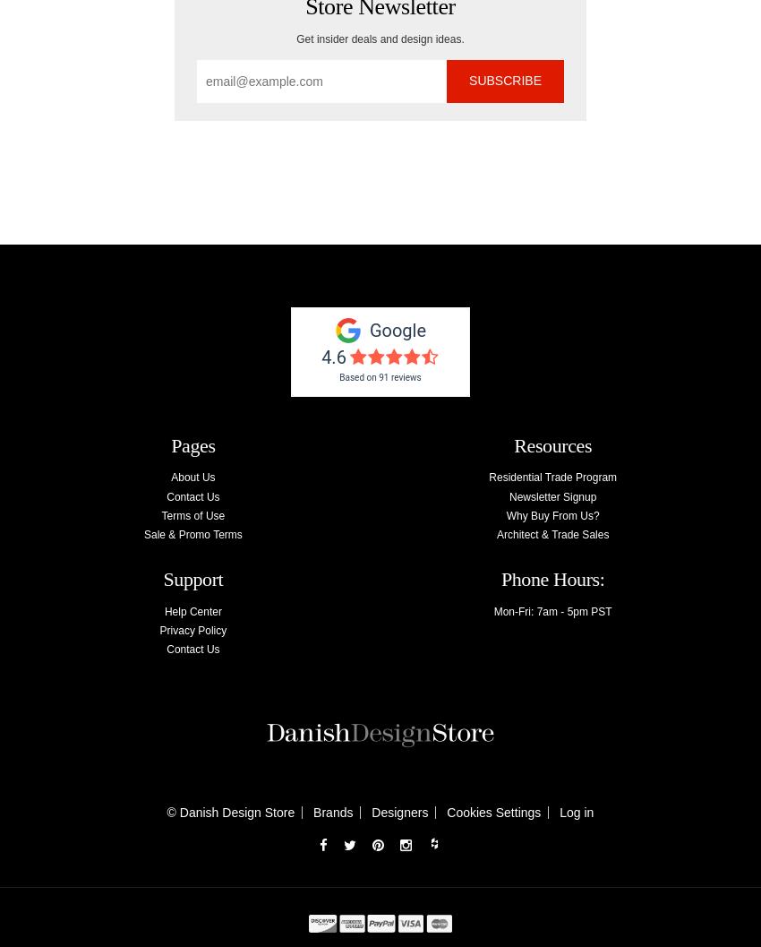 The width and height of the screenshot is (761, 947). Describe the element at coordinates (332, 355) in the screenshot. I see `'4.6'` at that location.